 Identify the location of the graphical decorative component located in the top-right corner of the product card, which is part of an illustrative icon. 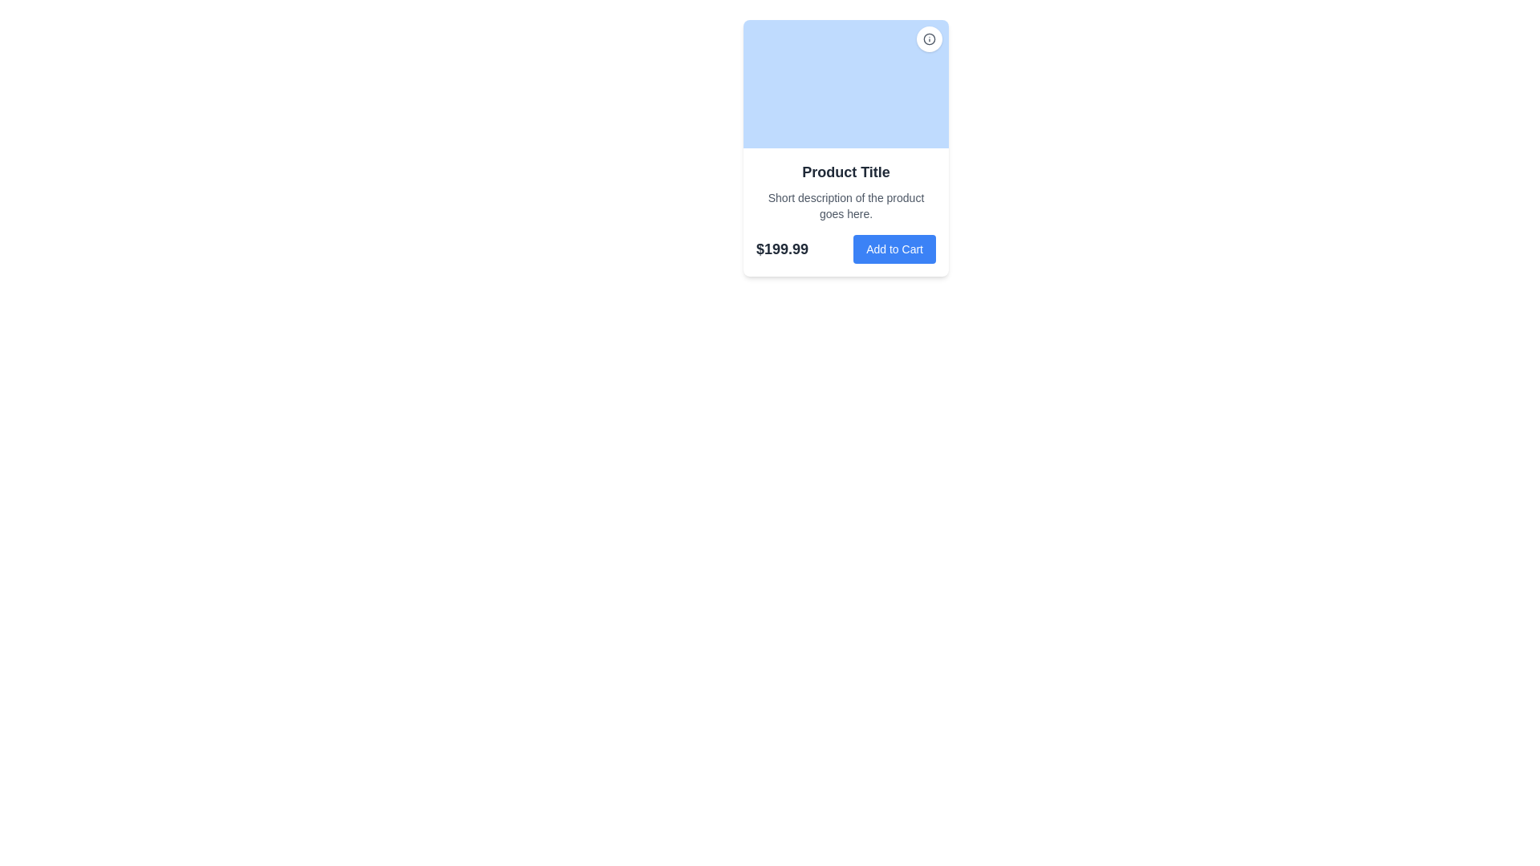
(929, 38).